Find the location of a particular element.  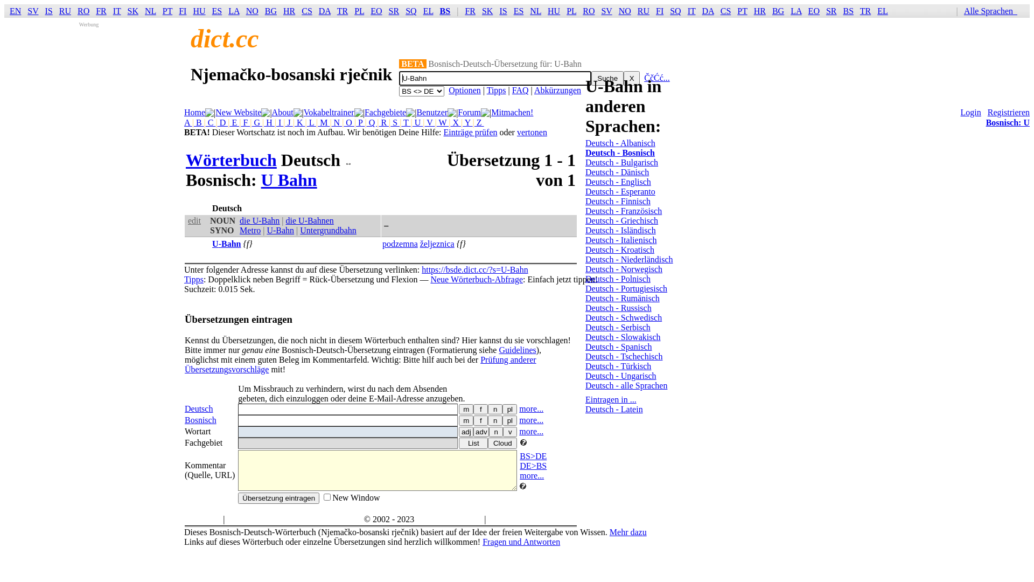

'P' is located at coordinates (360, 122).